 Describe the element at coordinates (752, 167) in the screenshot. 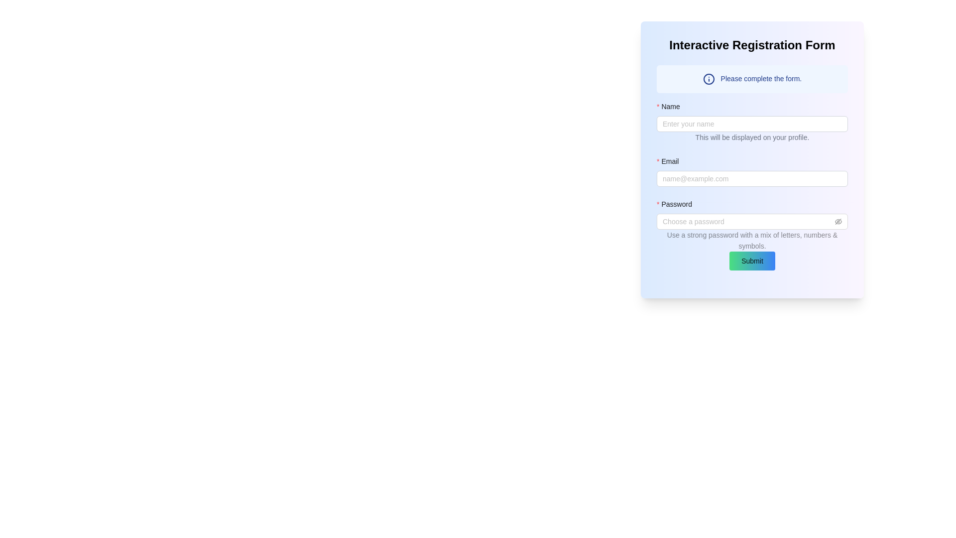

I see `the email input field located within the 'Interactive Registration Form' under the 'Name' section to focus on it` at that location.